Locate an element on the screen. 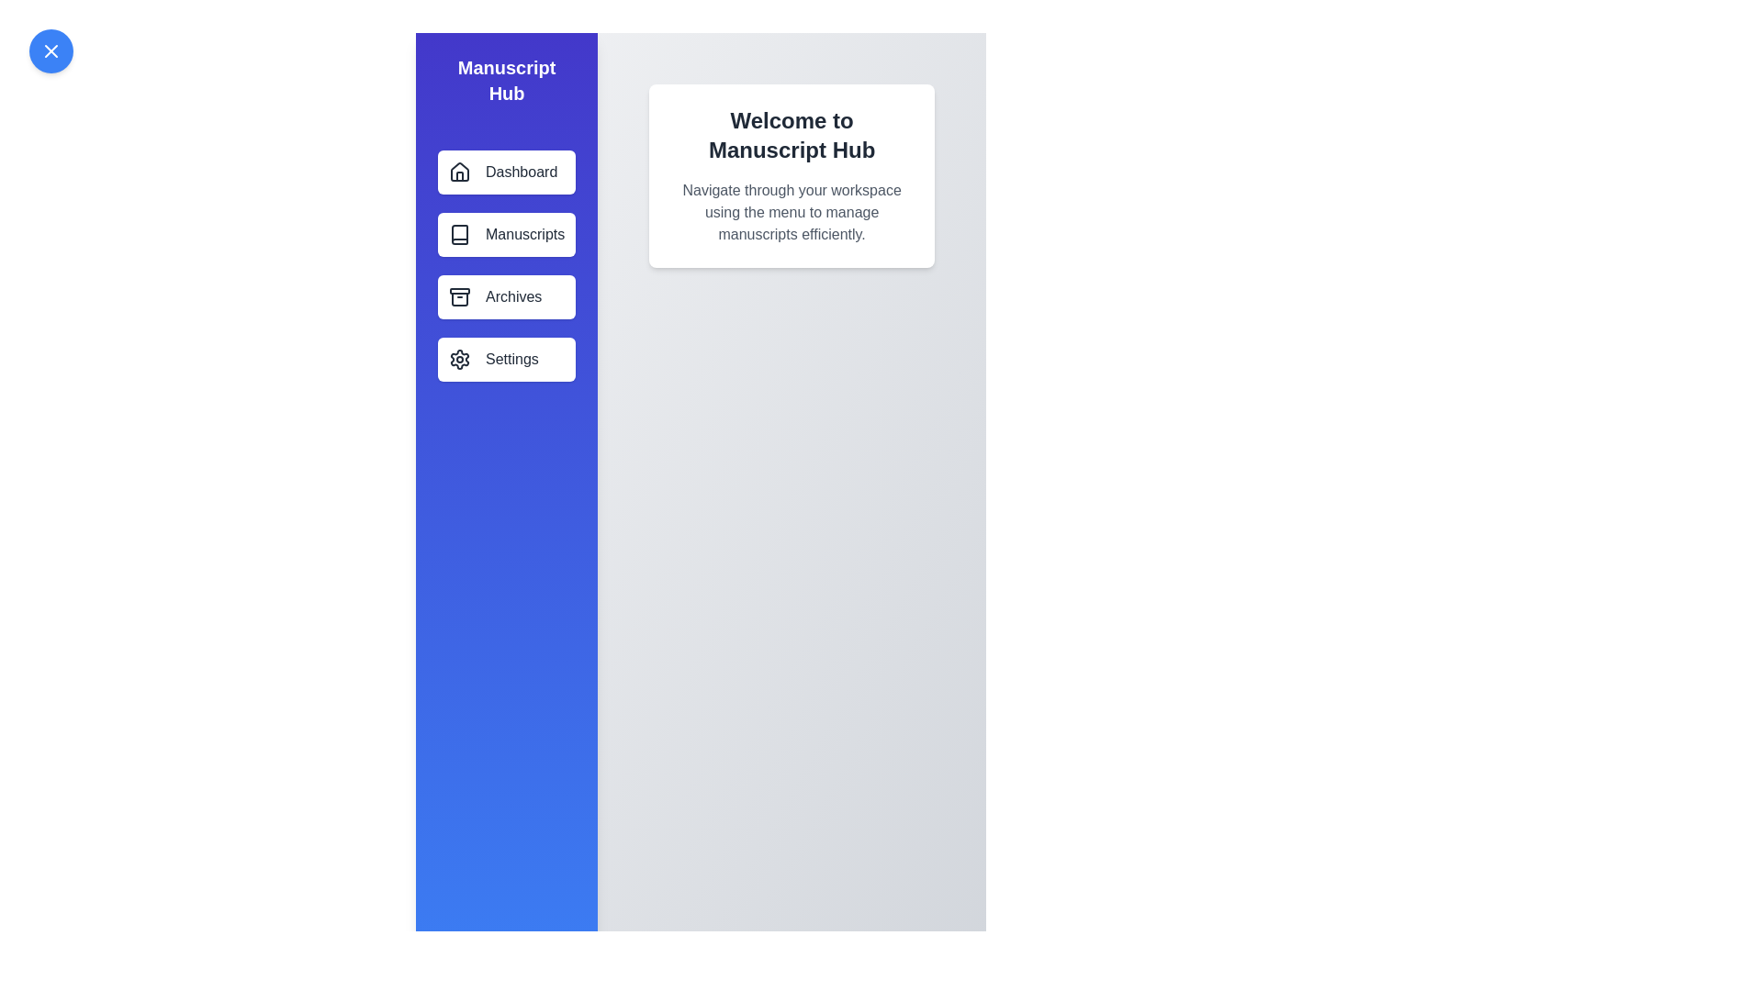  the menu item labeled Archives is located at coordinates (507, 296).